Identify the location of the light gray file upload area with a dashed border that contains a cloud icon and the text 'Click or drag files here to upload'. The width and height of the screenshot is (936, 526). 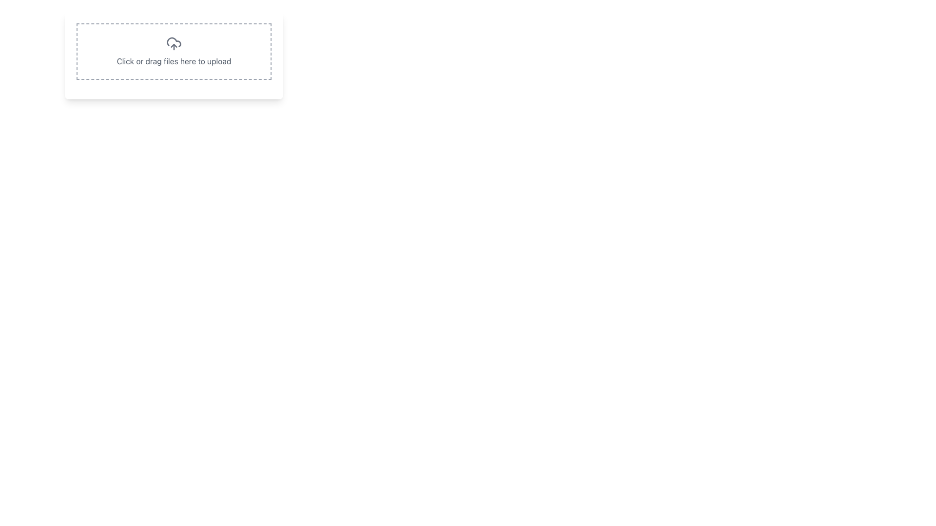
(174, 56).